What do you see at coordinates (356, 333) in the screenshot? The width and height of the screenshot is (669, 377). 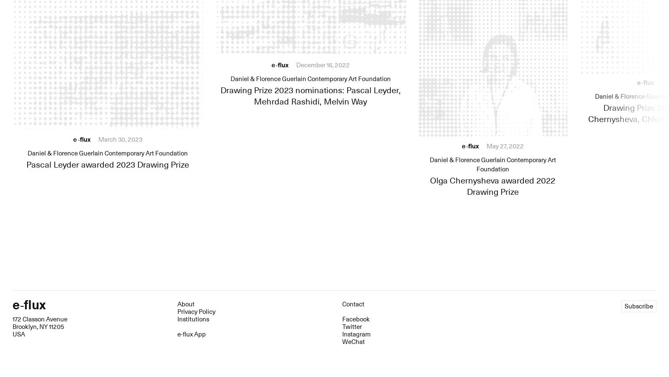 I see `'Instagram'` at bounding box center [356, 333].